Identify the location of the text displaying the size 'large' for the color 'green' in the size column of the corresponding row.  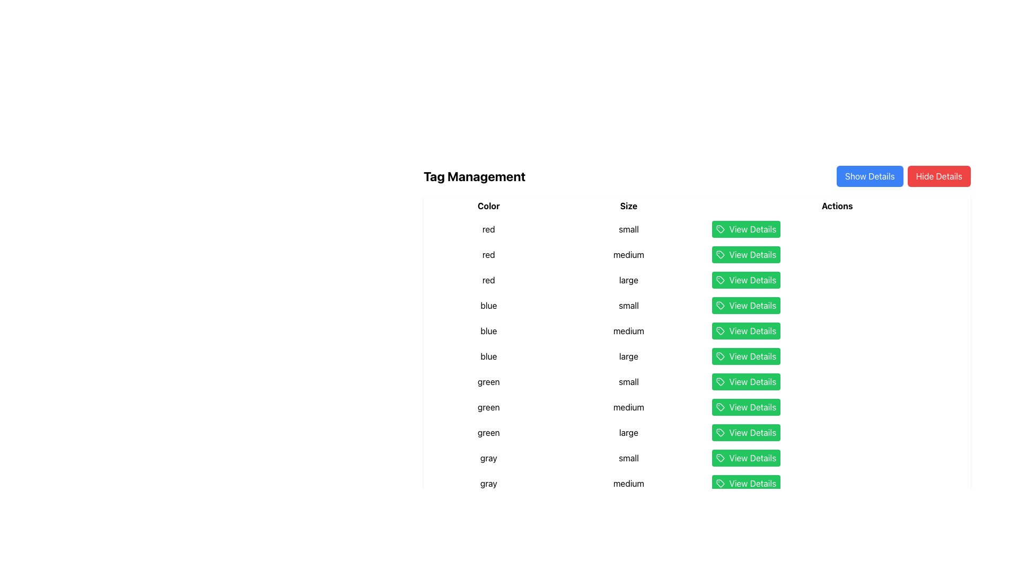
(628, 433).